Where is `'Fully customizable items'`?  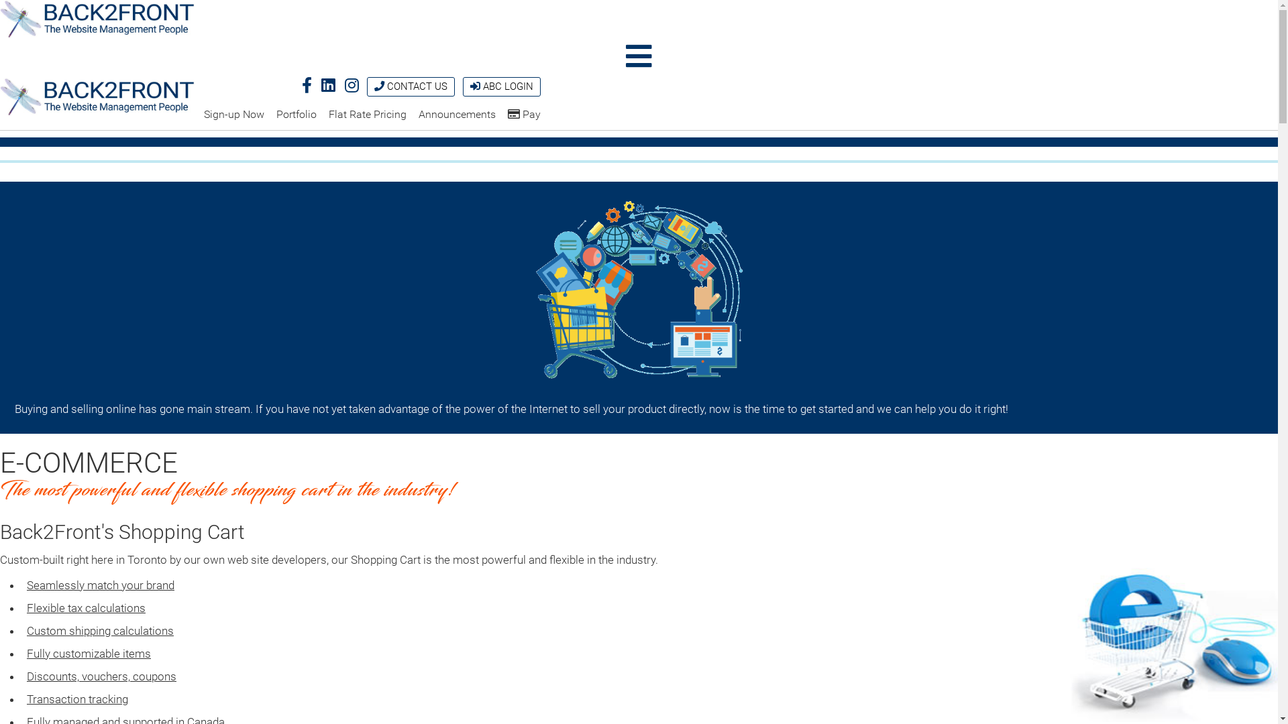
'Fully customizable items' is located at coordinates (88, 653).